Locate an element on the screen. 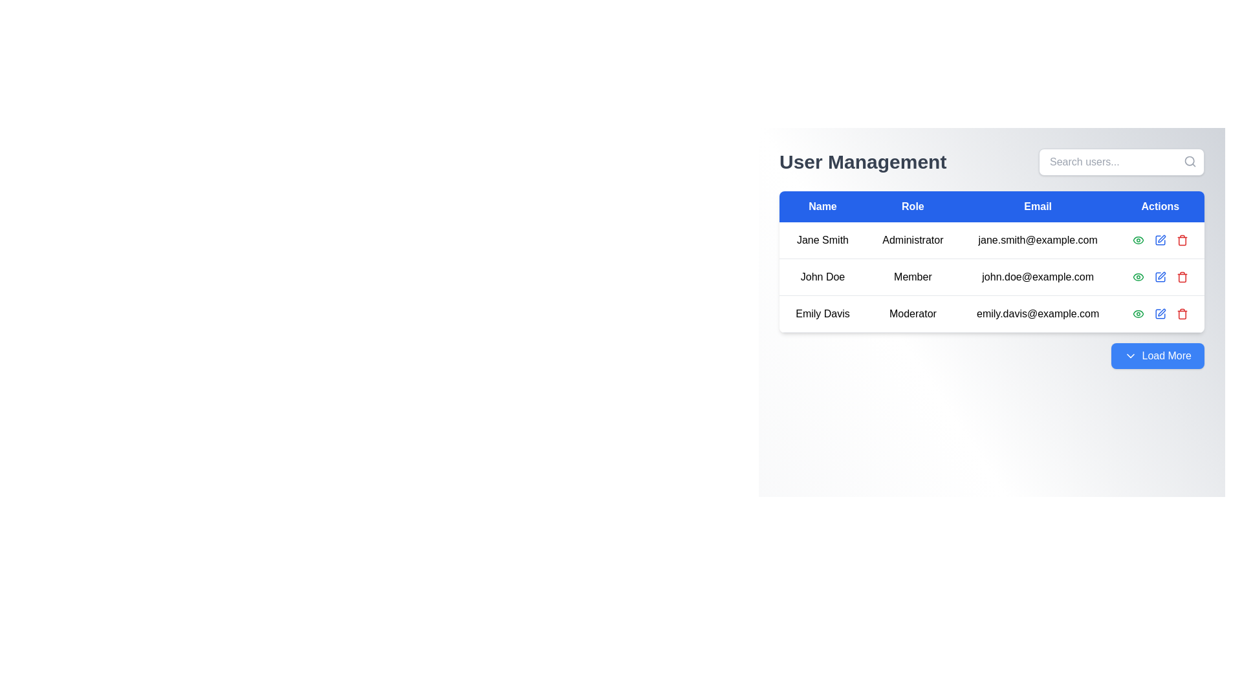 The image size is (1242, 698). the green eye icon button in the 'Actions' column for 'Jane Smith' is located at coordinates (1137, 314).